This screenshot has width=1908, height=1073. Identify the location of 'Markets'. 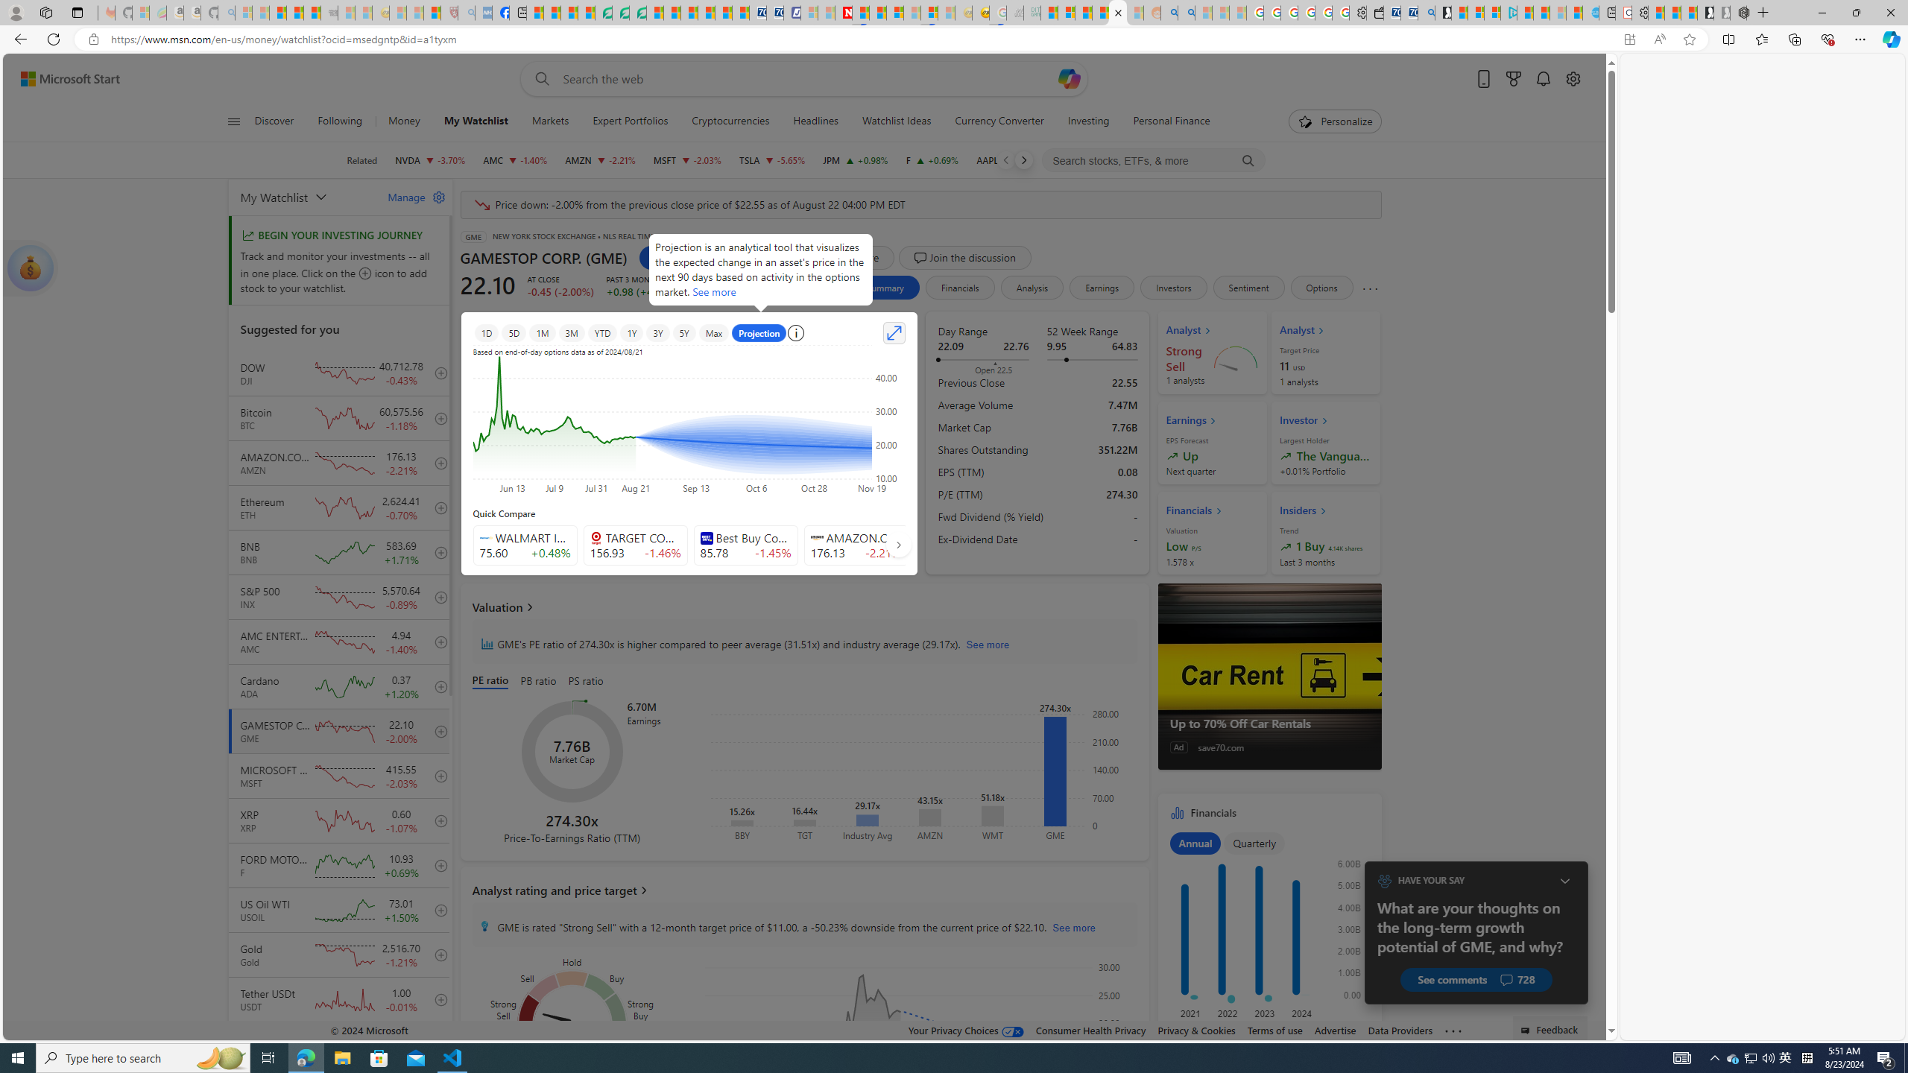
(549, 121).